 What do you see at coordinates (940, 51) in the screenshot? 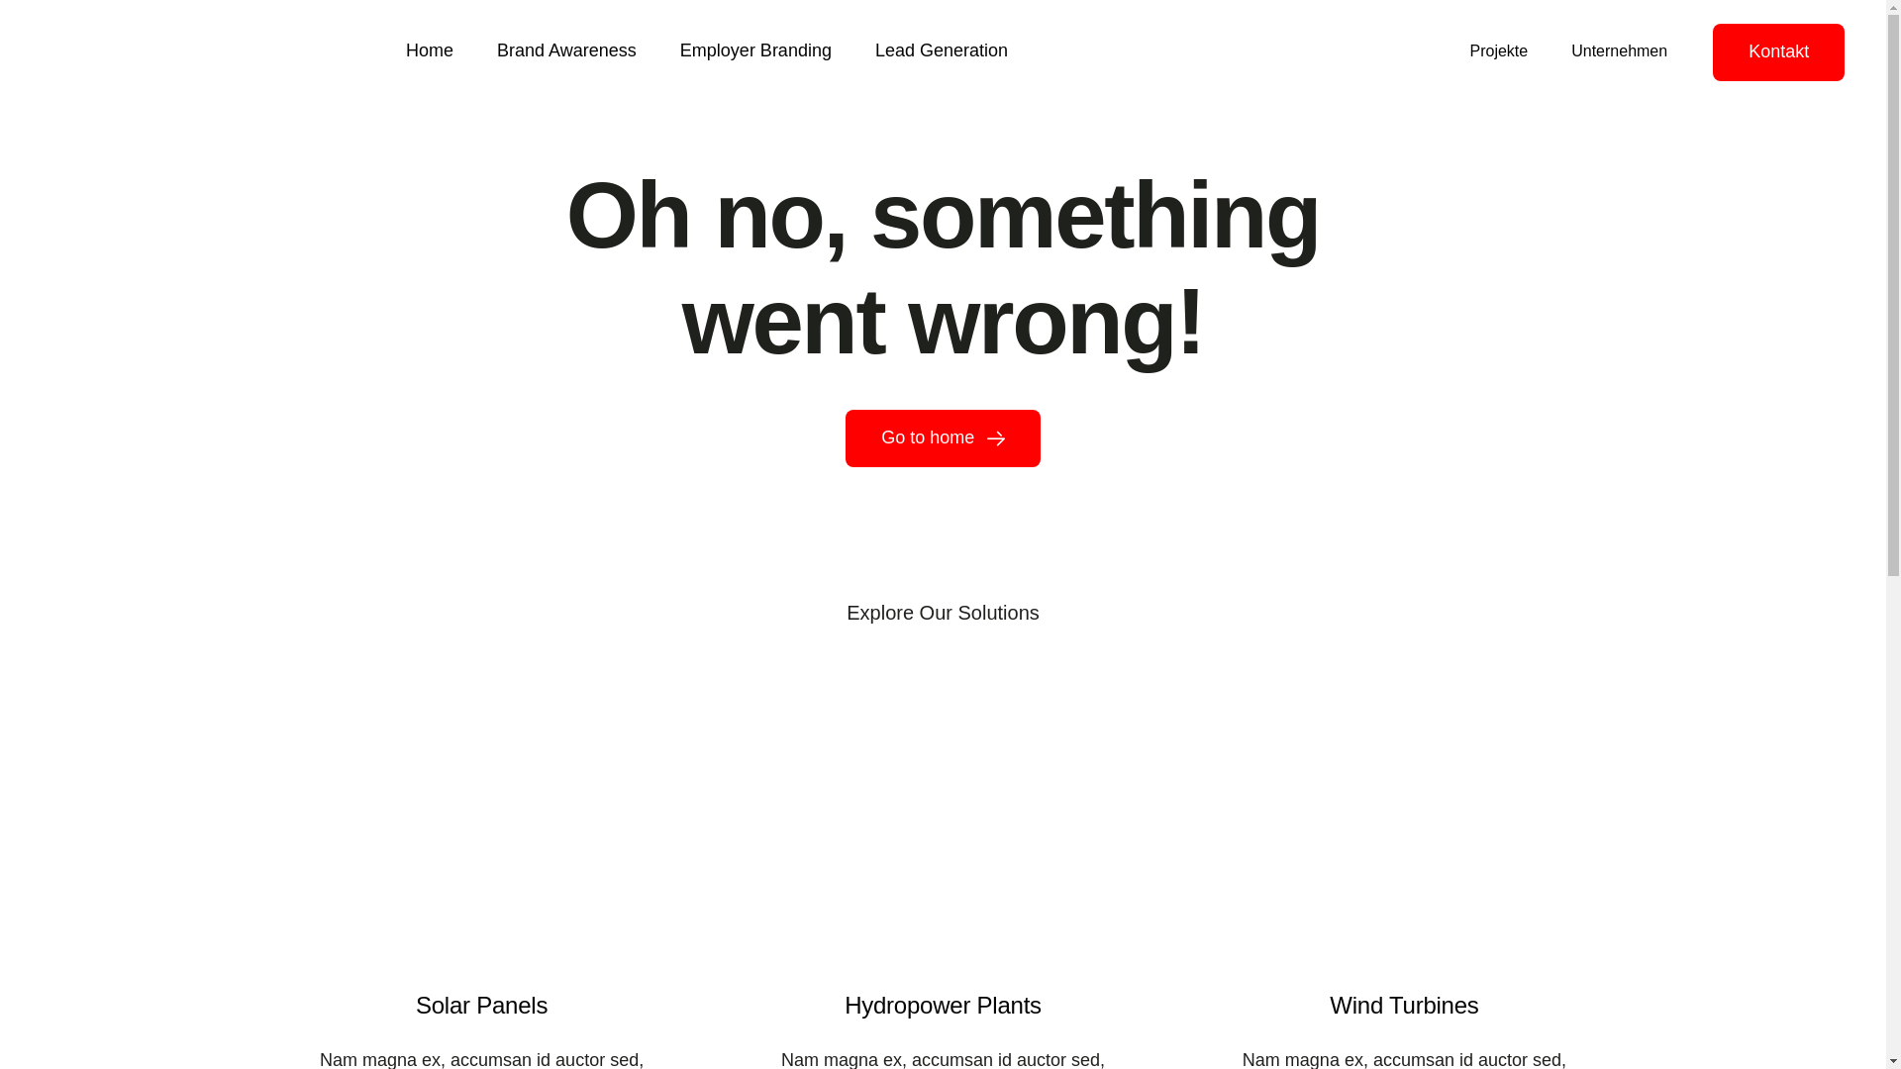
I see `'Lead Generation'` at bounding box center [940, 51].